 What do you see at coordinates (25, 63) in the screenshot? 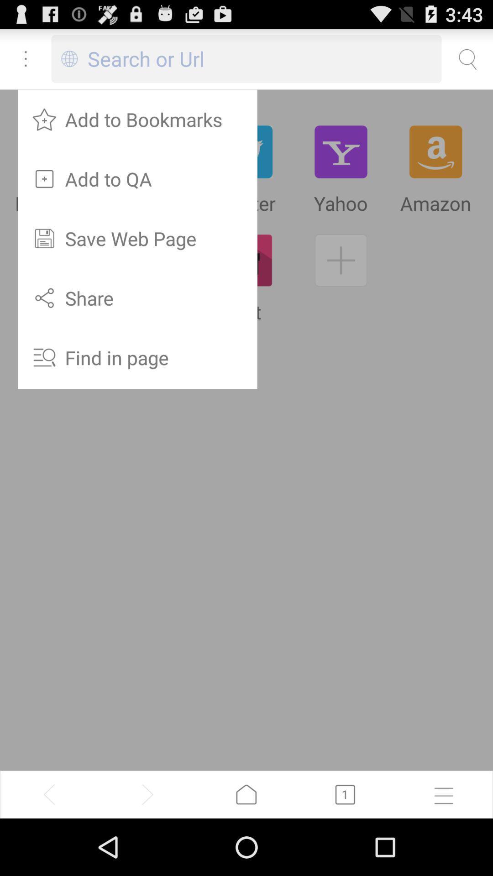
I see `the more icon` at bounding box center [25, 63].